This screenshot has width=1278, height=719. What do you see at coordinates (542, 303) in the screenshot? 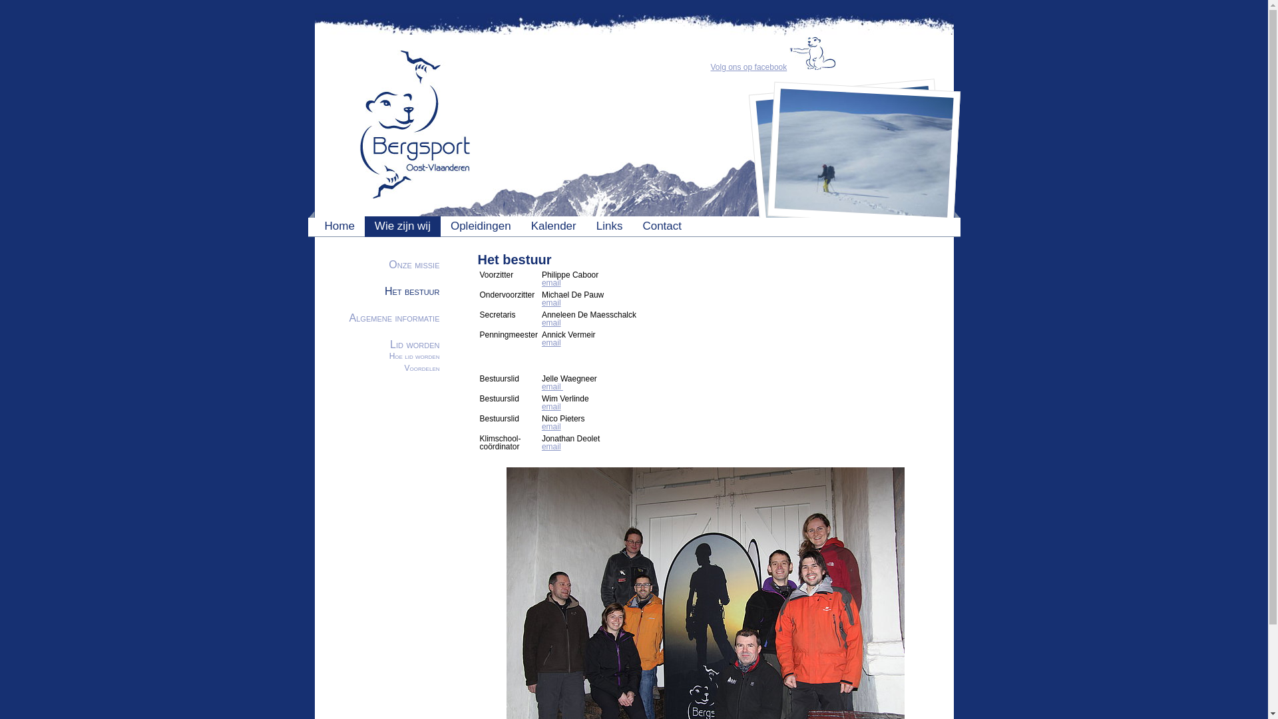
I see `'email'` at bounding box center [542, 303].